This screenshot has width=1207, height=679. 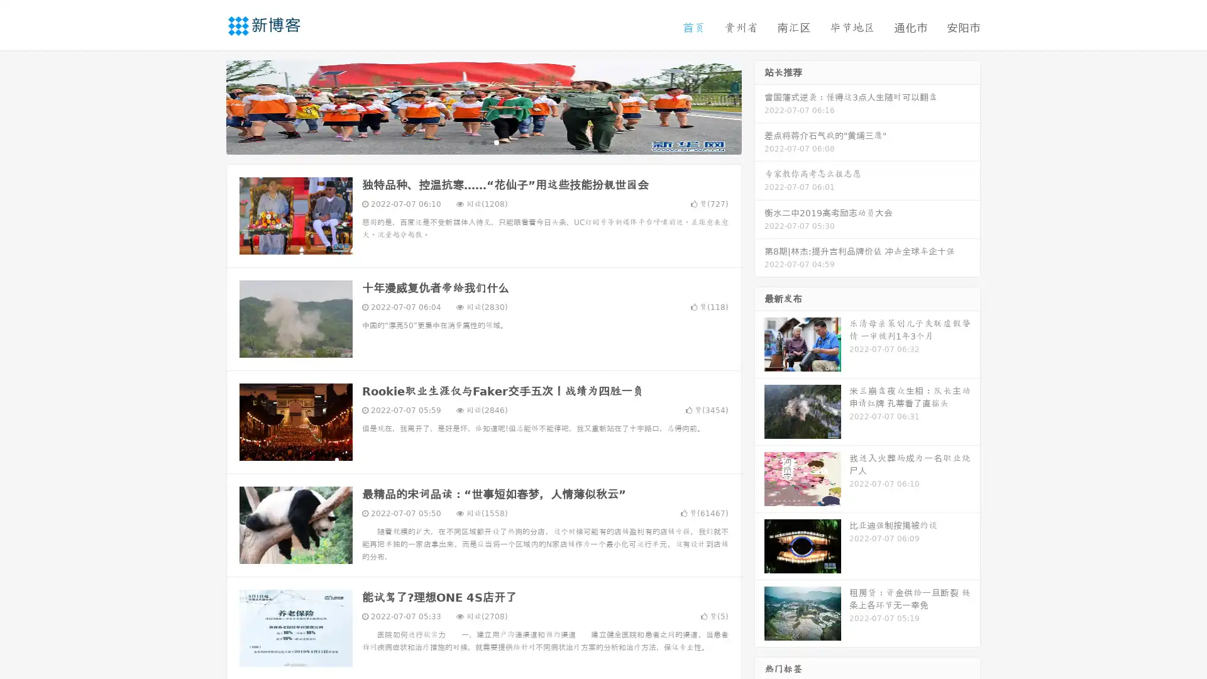 I want to click on Previous slide, so click(x=207, y=106).